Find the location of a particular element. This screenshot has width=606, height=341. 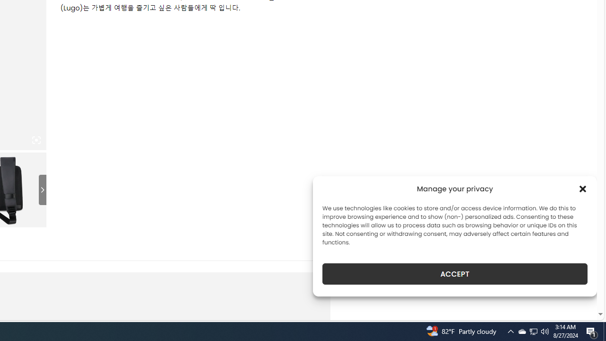

'Class: iconic-woothumbs-fullscreen' is located at coordinates (36, 140).